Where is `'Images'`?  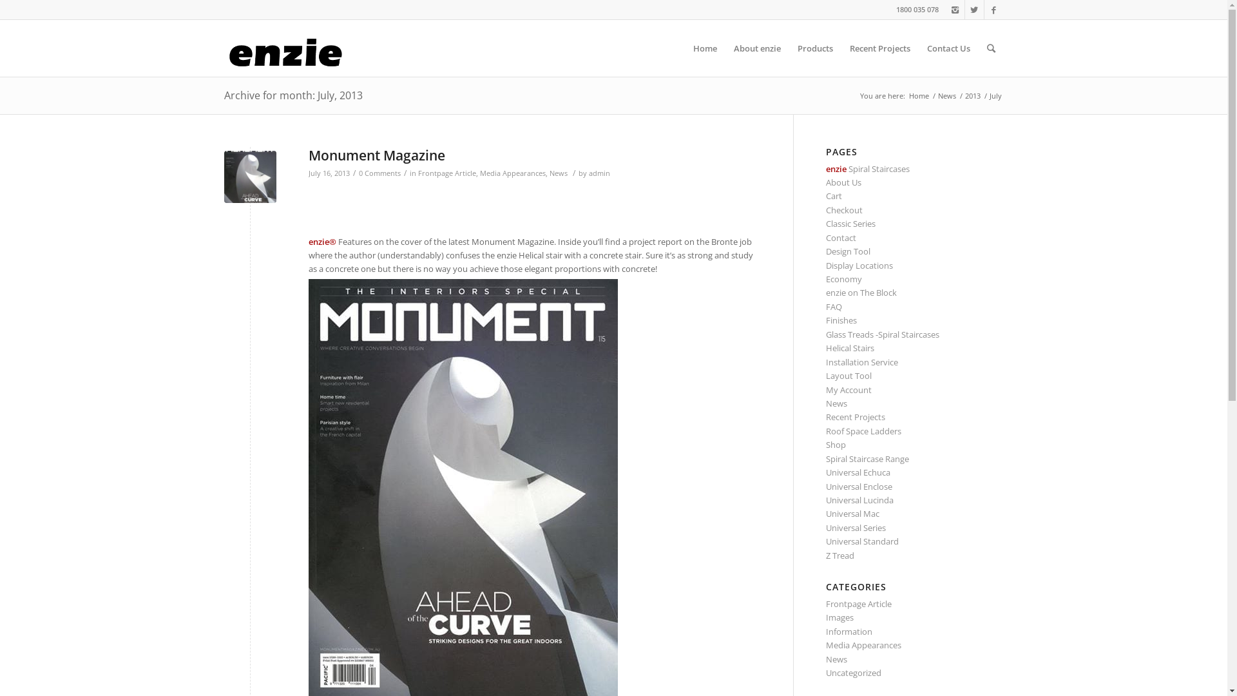
'Images' is located at coordinates (839, 616).